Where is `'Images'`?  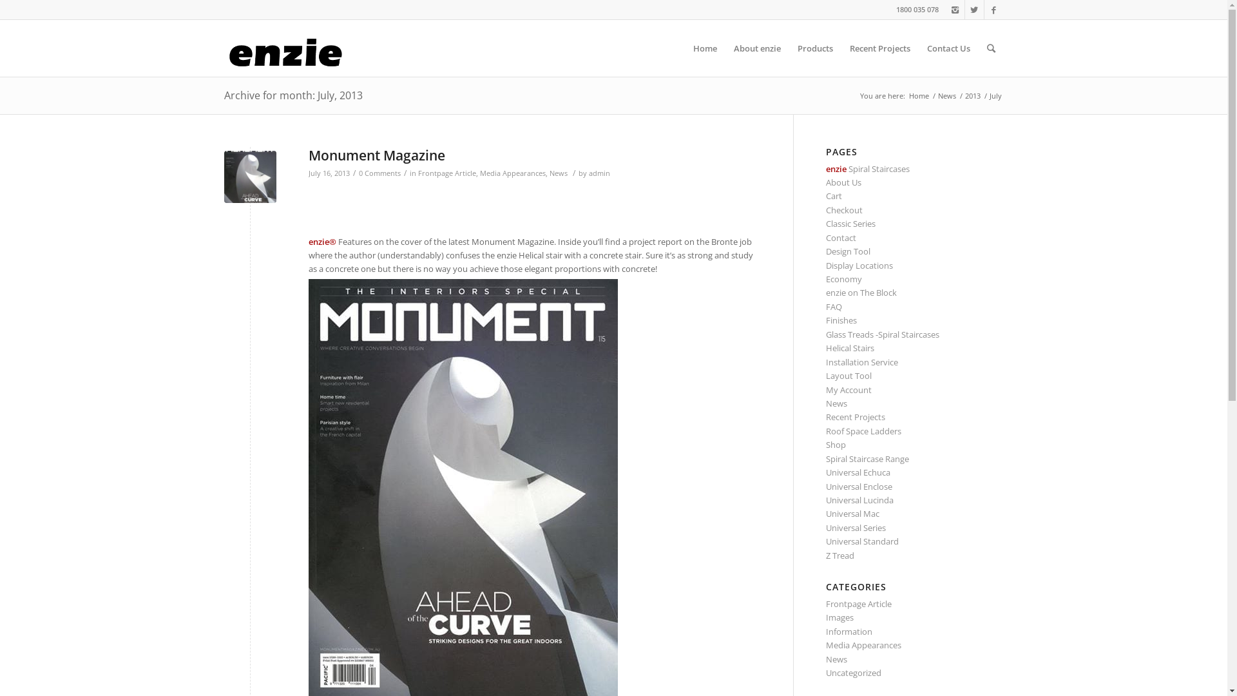
'Images' is located at coordinates (839, 616).